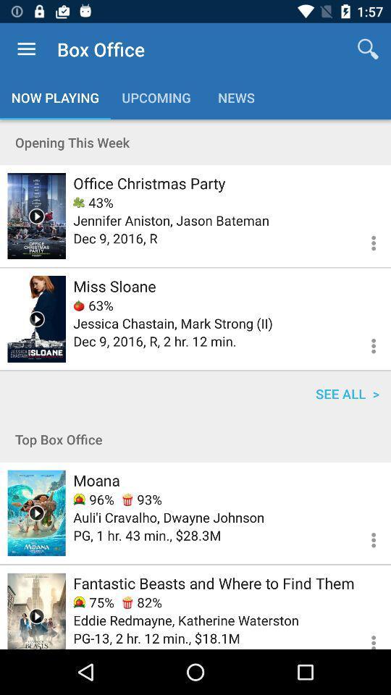  I want to click on fantastic beasts and item, so click(213, 583).